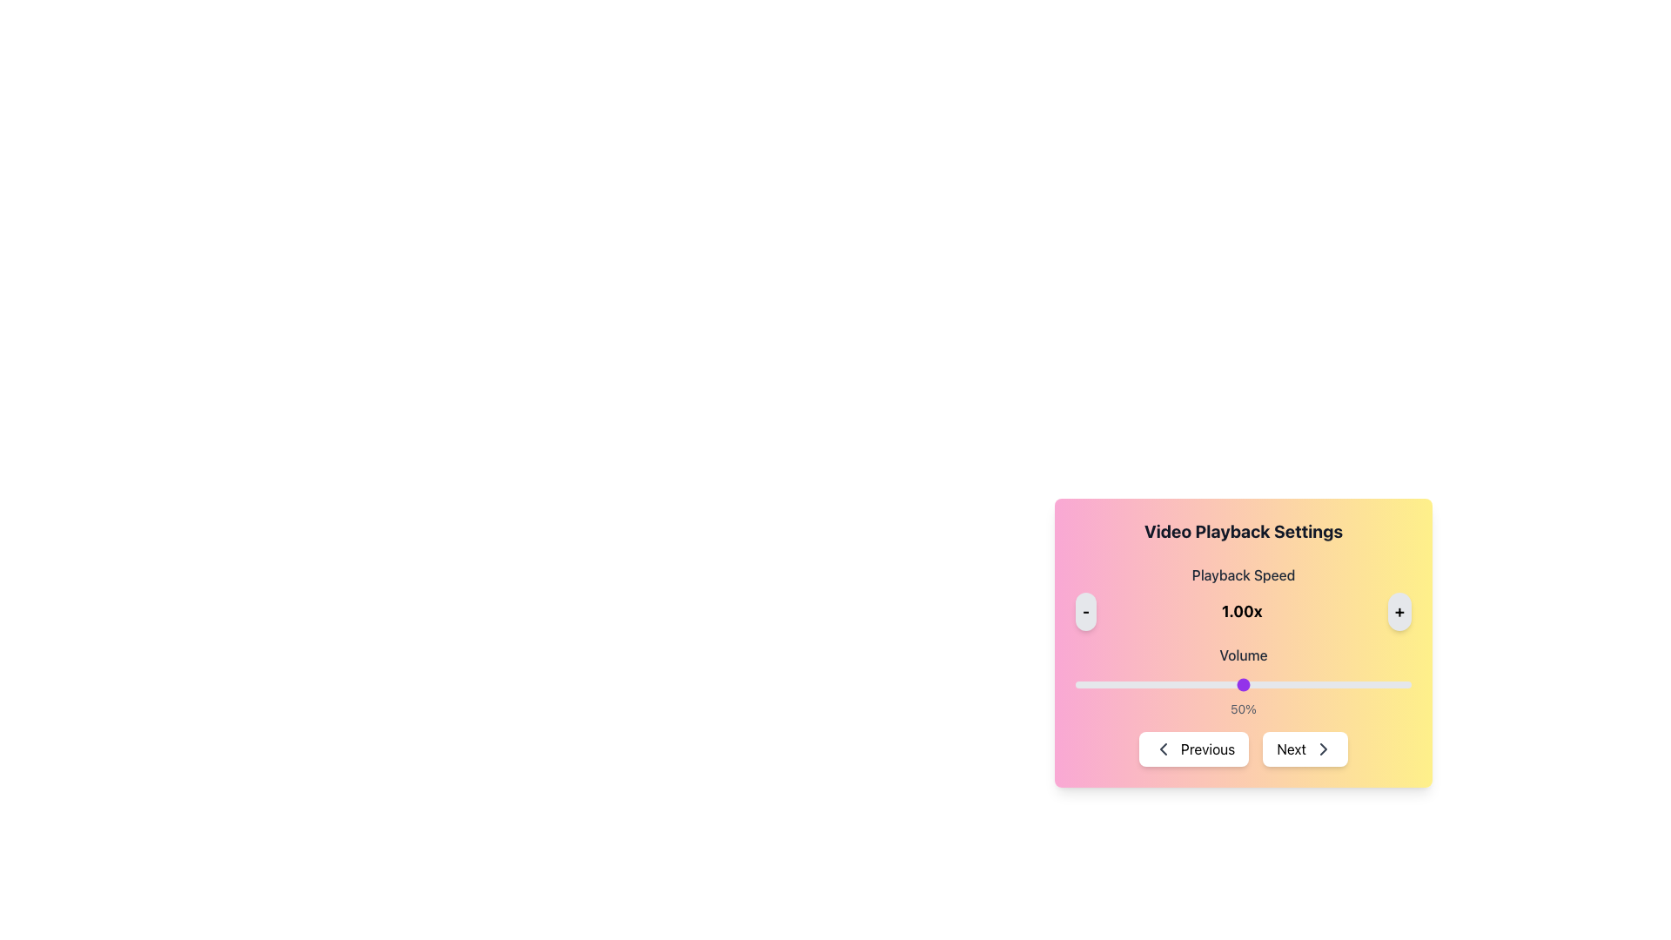 The width and height of the screenshot is (1671, 940). Describe the element at coordinates (1164, 748) in the screenshot. I see `the backward navigation icon located to the left of the text 'Previous' in the button labeled 'Previous' within the 'Video Playback Settings' panel` at that location.